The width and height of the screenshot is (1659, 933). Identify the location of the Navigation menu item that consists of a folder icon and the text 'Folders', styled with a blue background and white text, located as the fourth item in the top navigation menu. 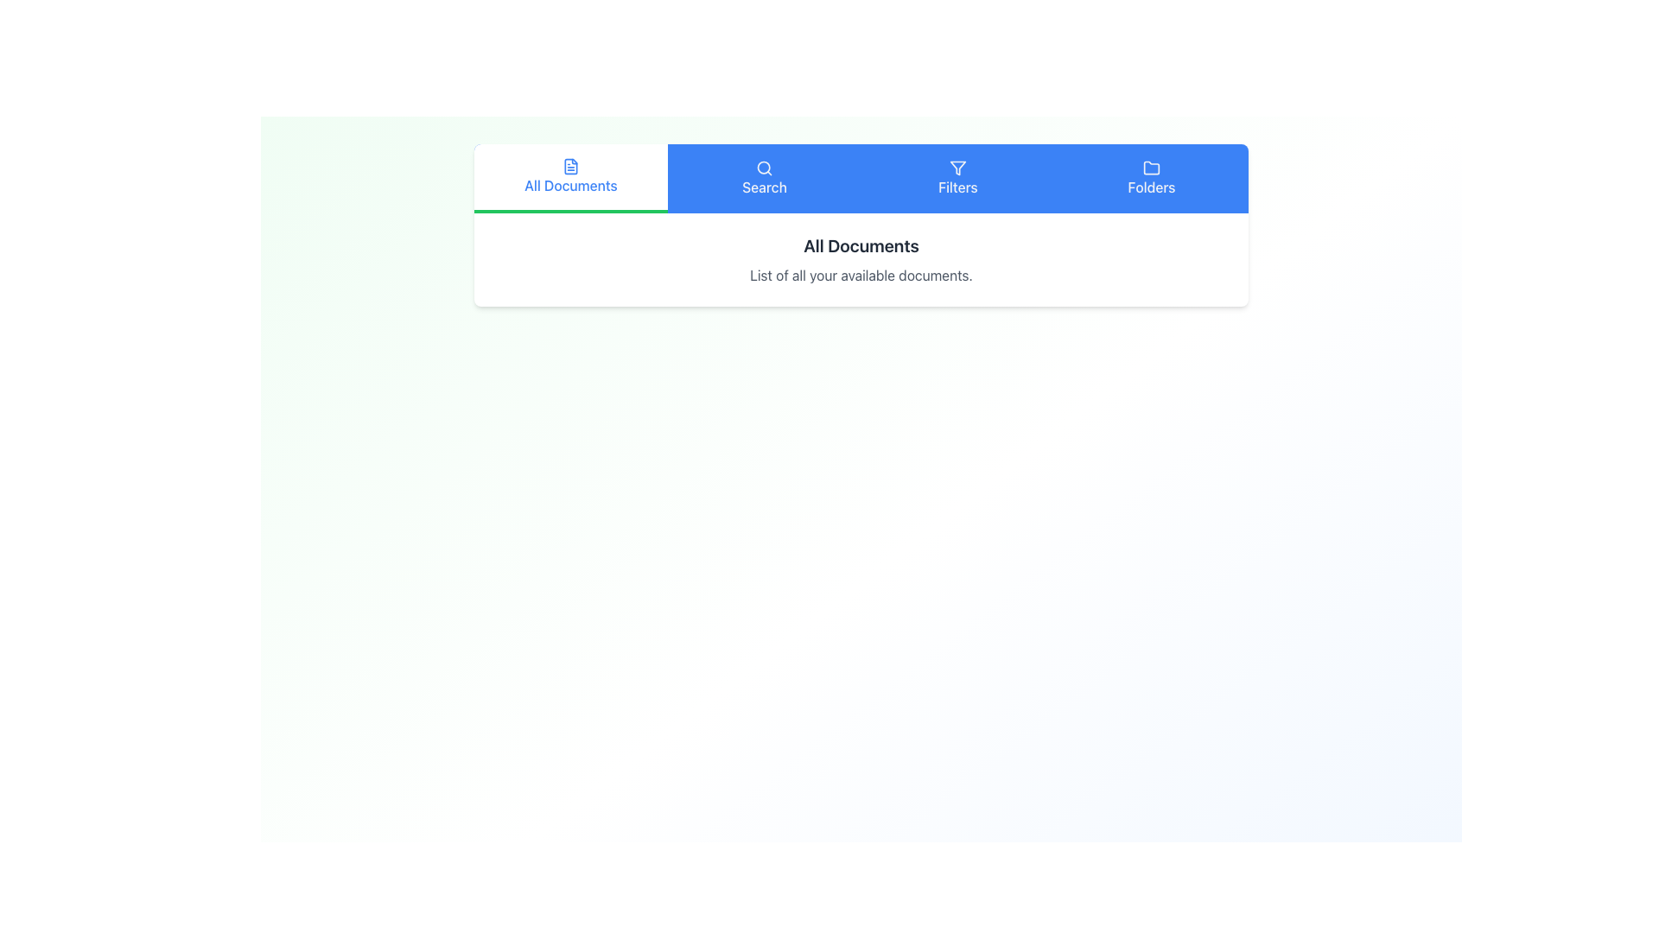
(1152, 179).